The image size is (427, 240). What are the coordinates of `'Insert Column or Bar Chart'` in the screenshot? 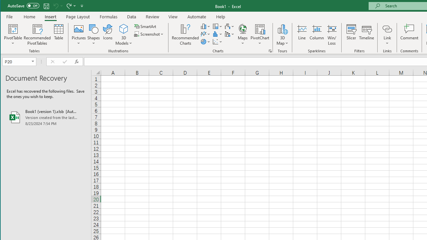 It's located at (205, 26).